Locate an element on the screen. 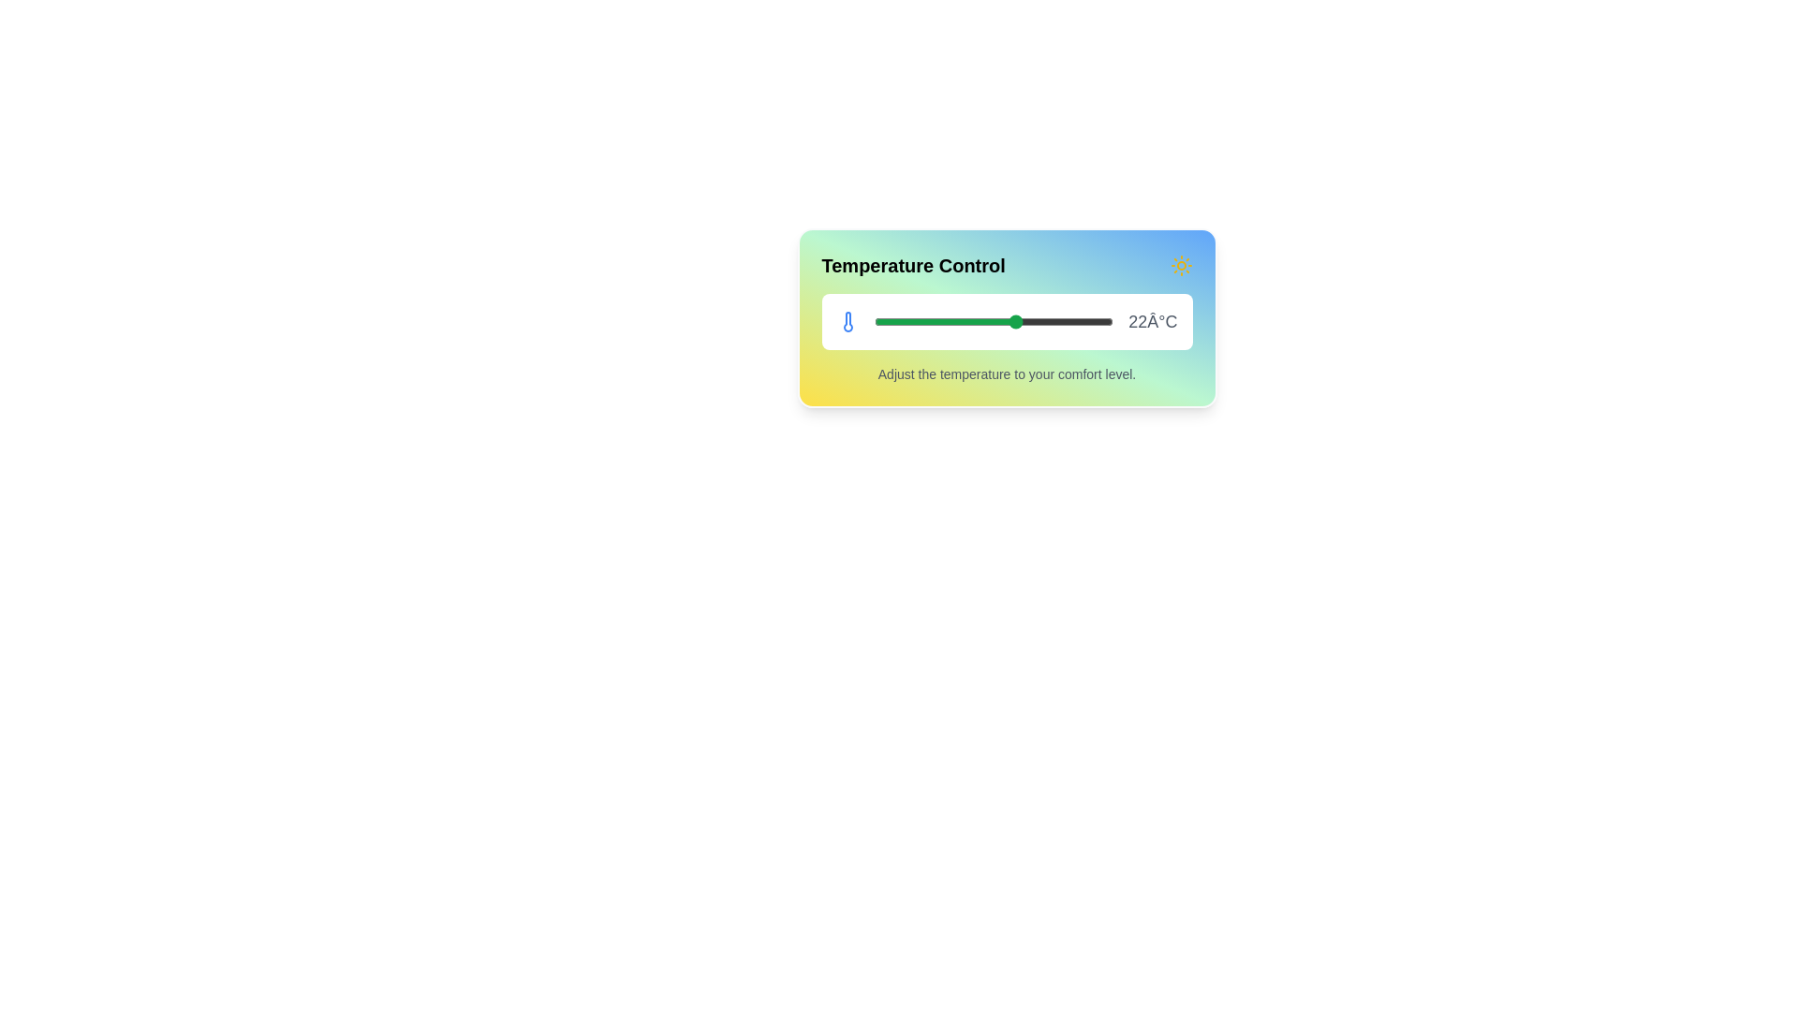  the static label displaying the current temperature value formatted as '22°C' within the 'Temperature Control' UI, located at the far right adjacent to the slider is located at coordinates (1152, 320).